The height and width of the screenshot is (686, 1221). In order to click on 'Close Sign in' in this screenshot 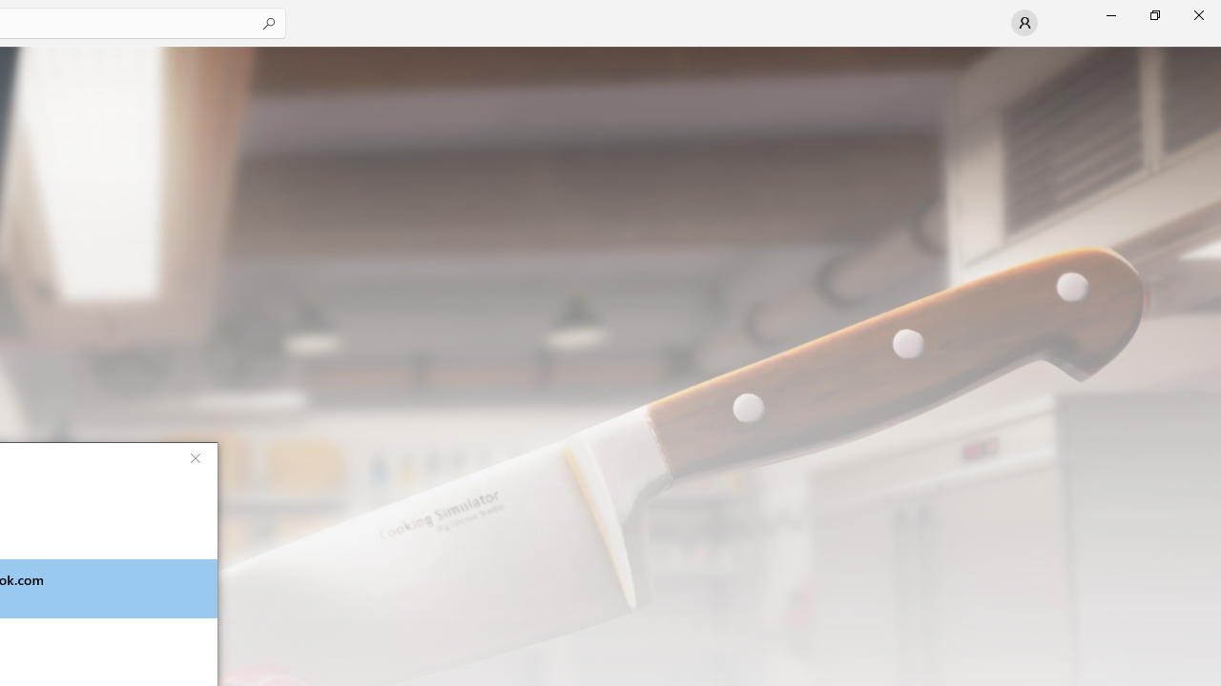, I will do `click(195, 457)`.